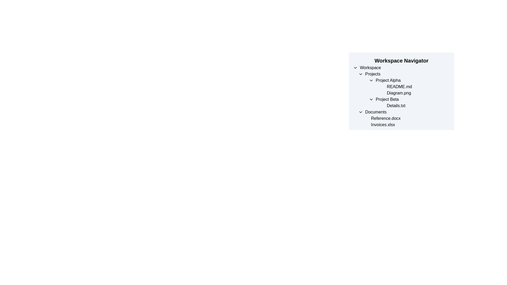  Describe the element at coordinates (383, 125) in the screenshot. I see `text label representing the document 'Invoices.xlsx', which is the second item under the 'Documents' section in the 'Workspace Navigator' panel` at that location.